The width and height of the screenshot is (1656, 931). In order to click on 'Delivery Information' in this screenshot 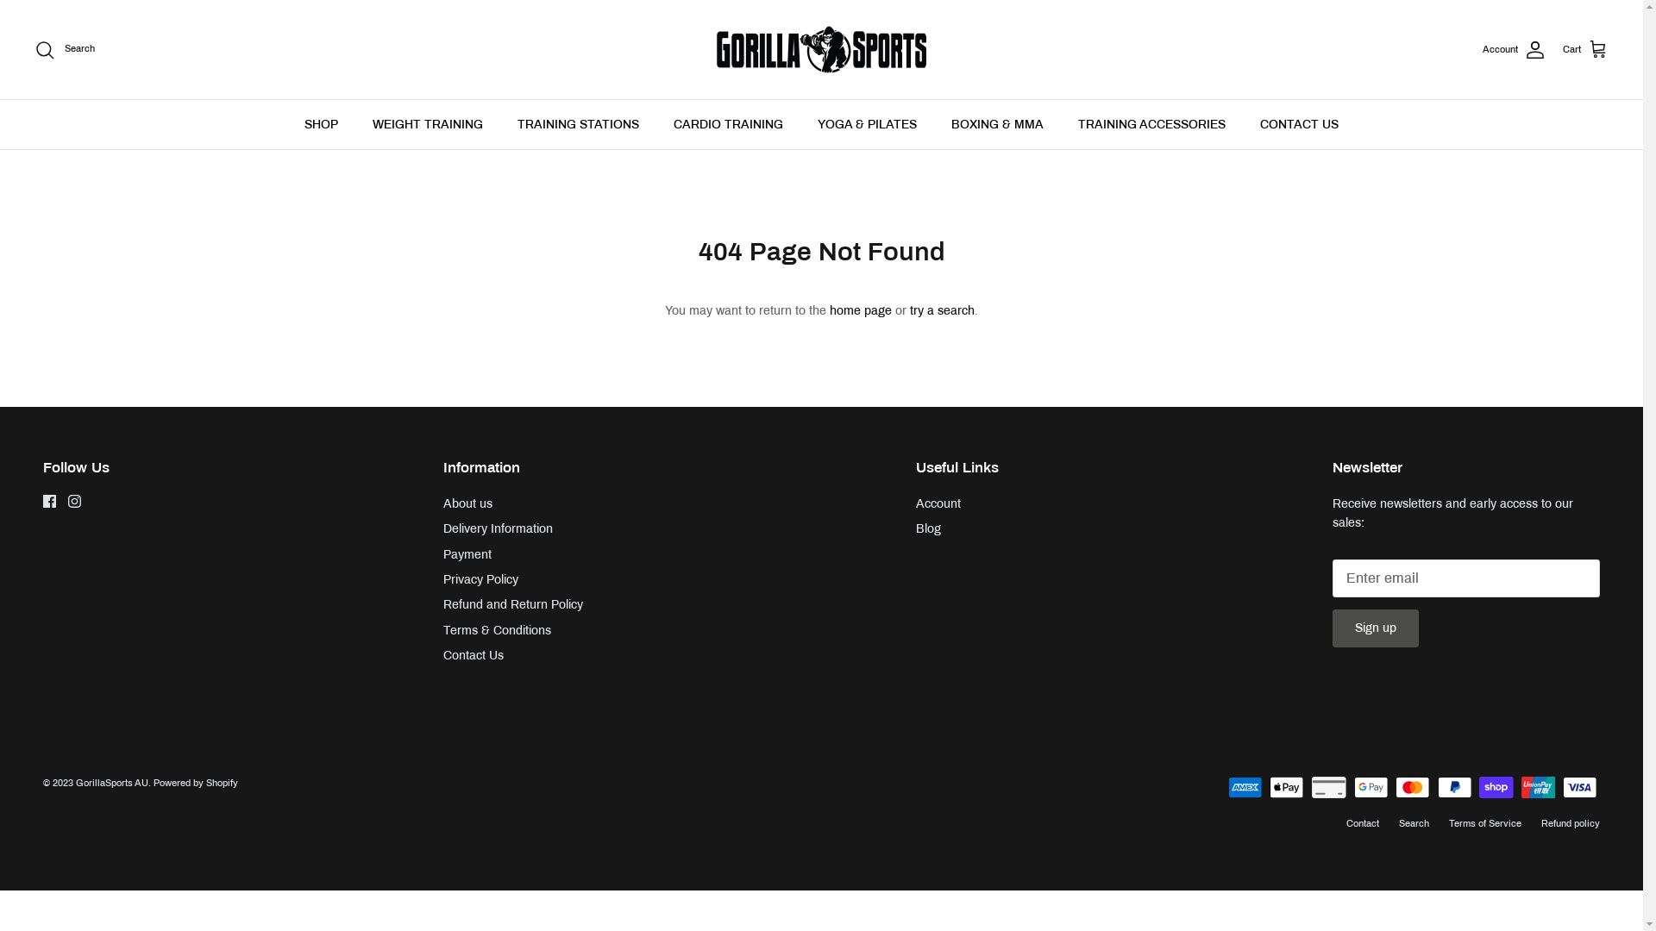, I will do `click(442, 528)`.